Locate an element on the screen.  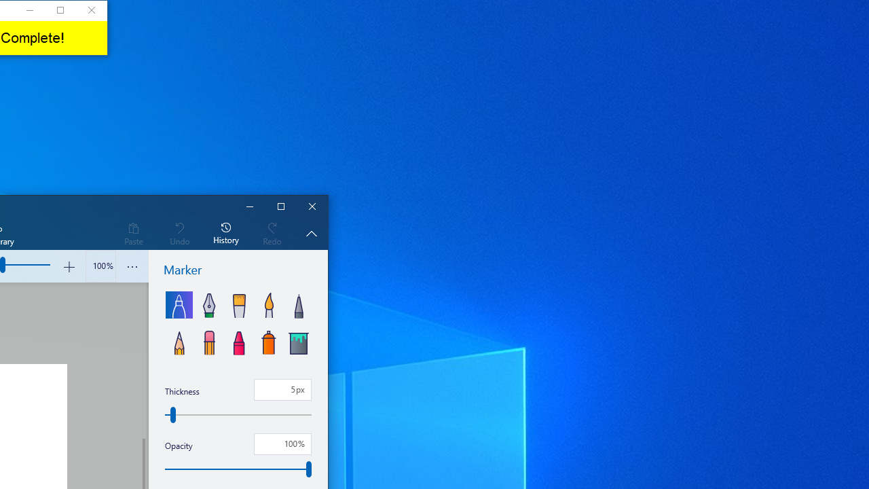
'Fill' is located at coordinates (297, 340).